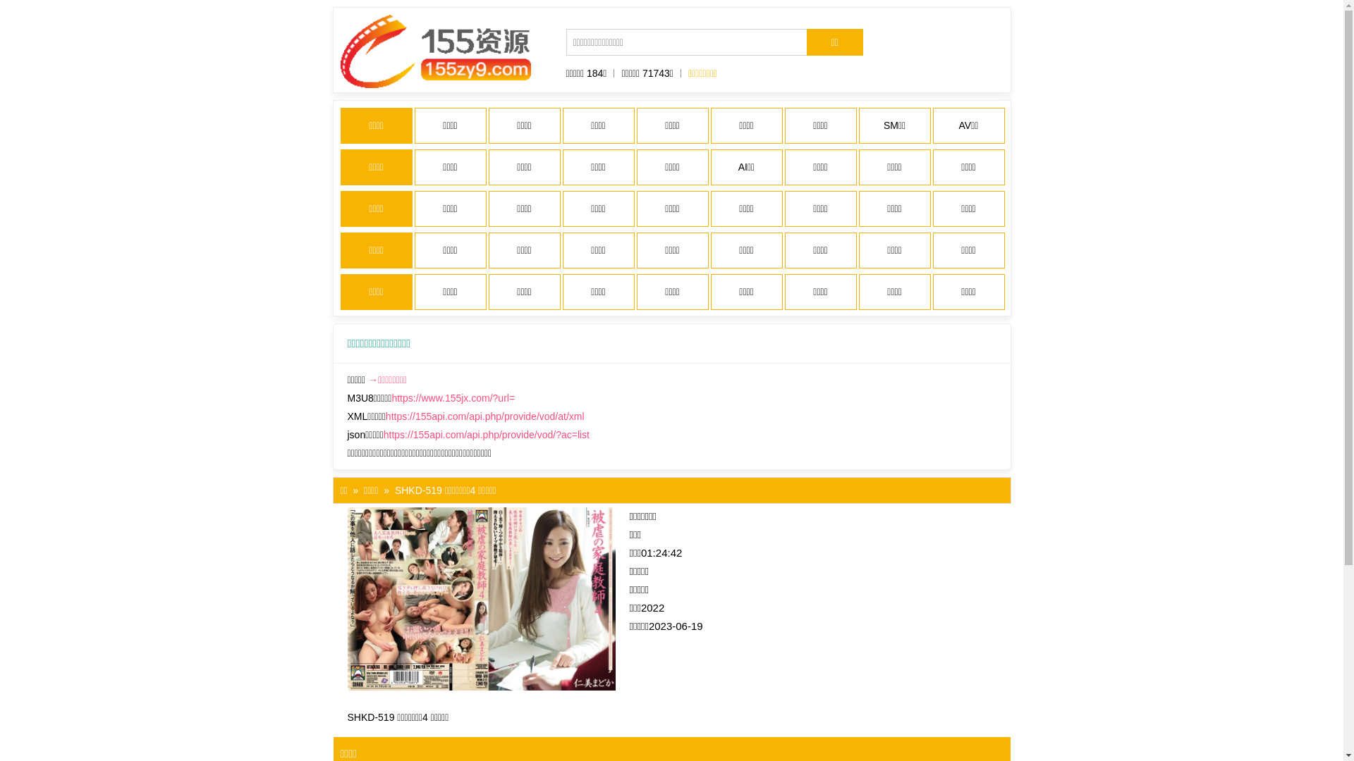 The width and height of the screenshot is (1354, 761). What do you see at coordinates (487, 434) in the screenshot?
I see `'https://155api.com/api.php/provide/vod/?ac=list'` at bounding box center [487, 434].